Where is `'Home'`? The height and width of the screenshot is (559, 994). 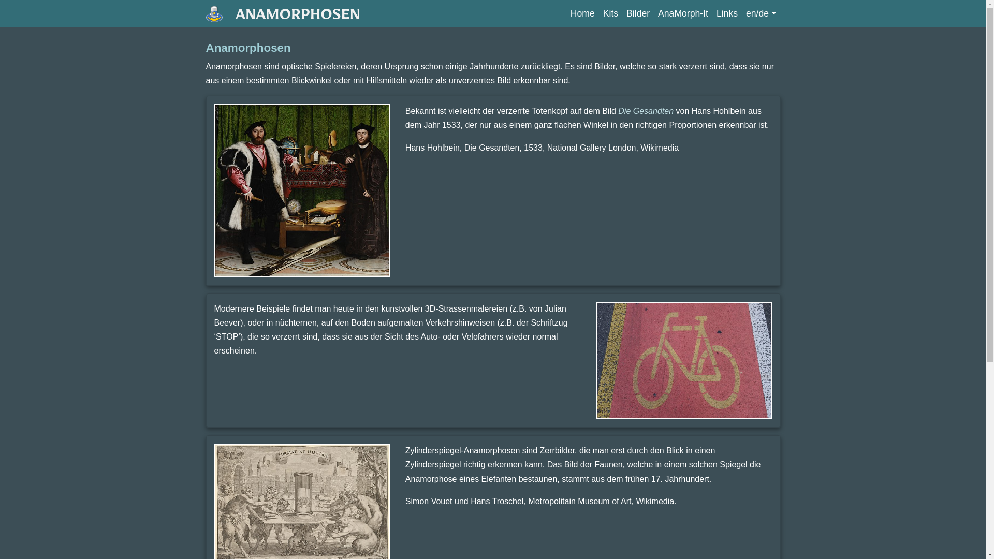
'Home' is located at coordinates (566, 13).